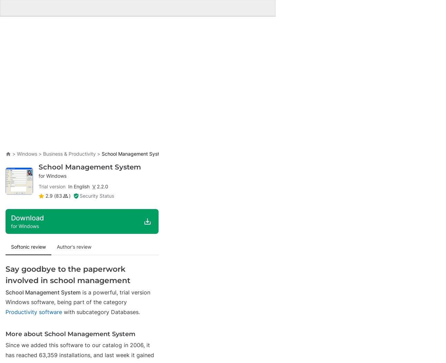 This screenshot has height=363, width=446. What do you see at coordinates (202, 9) in the screenshot?
I see `'Complex Diagram Builder'` at bounding box center [202, 9].